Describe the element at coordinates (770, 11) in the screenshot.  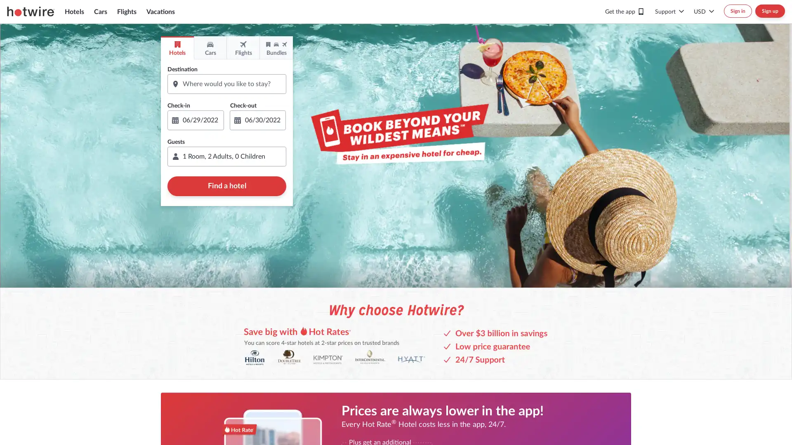
I see `Sign up` at that location.